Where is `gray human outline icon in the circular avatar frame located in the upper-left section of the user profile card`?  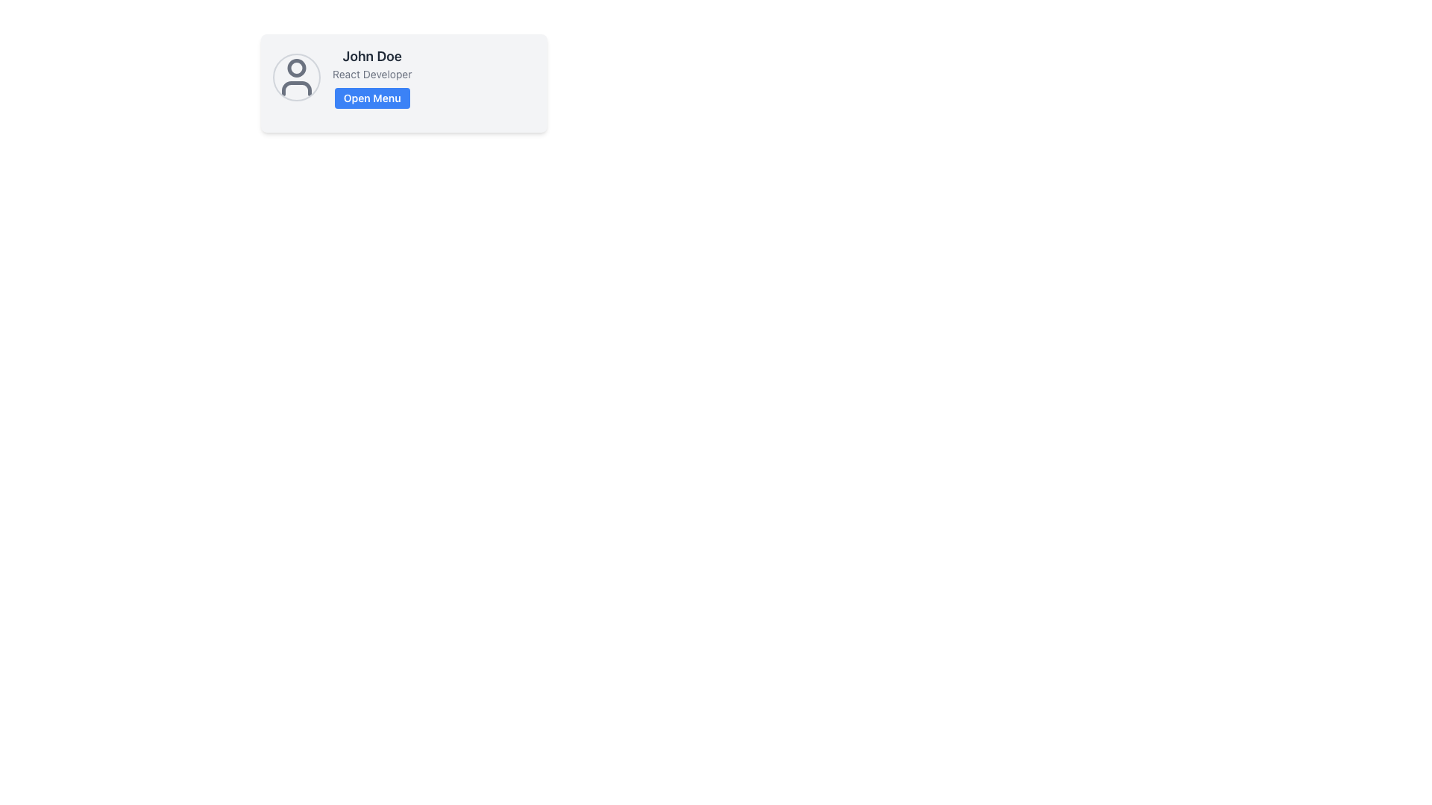 gray human outline icon in the circular avatar frame located in the upper-left section of the user profile card is located at coordinates (297, 78).